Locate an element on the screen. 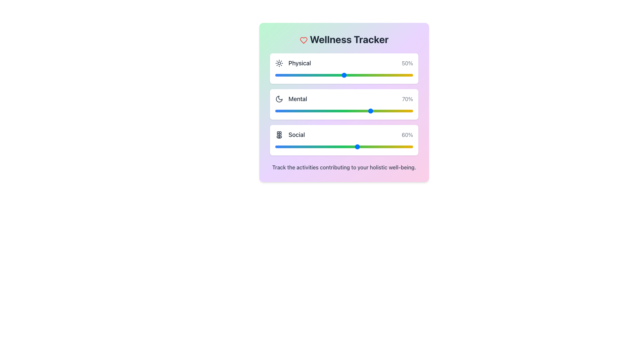  the social tracker slider is located at coordinates (401, 147).